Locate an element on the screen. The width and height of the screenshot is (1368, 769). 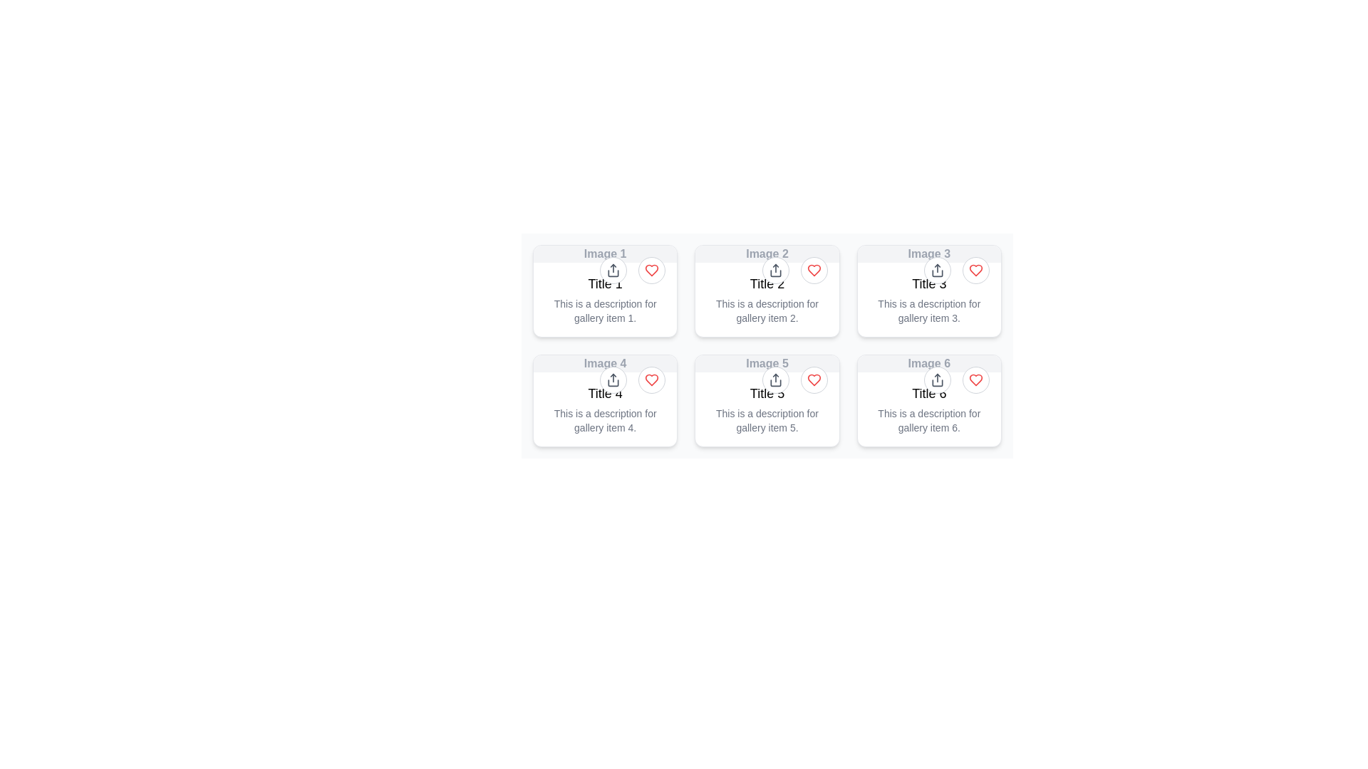
description text that says 'This is a description for gallery item 4.' located in the fourth card of a 2x3 grid layout, beneath the title 'Title 4' is located at coordinates (605, 419).